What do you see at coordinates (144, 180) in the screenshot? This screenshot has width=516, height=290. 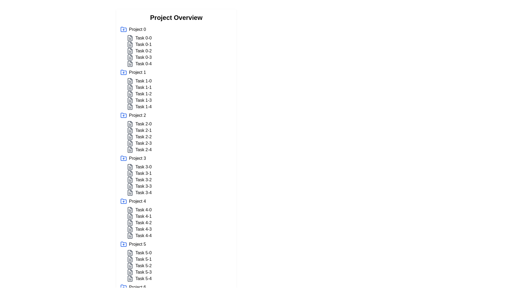 I see `the 'Task 3-2' text label` at bounding box center [144, 180].